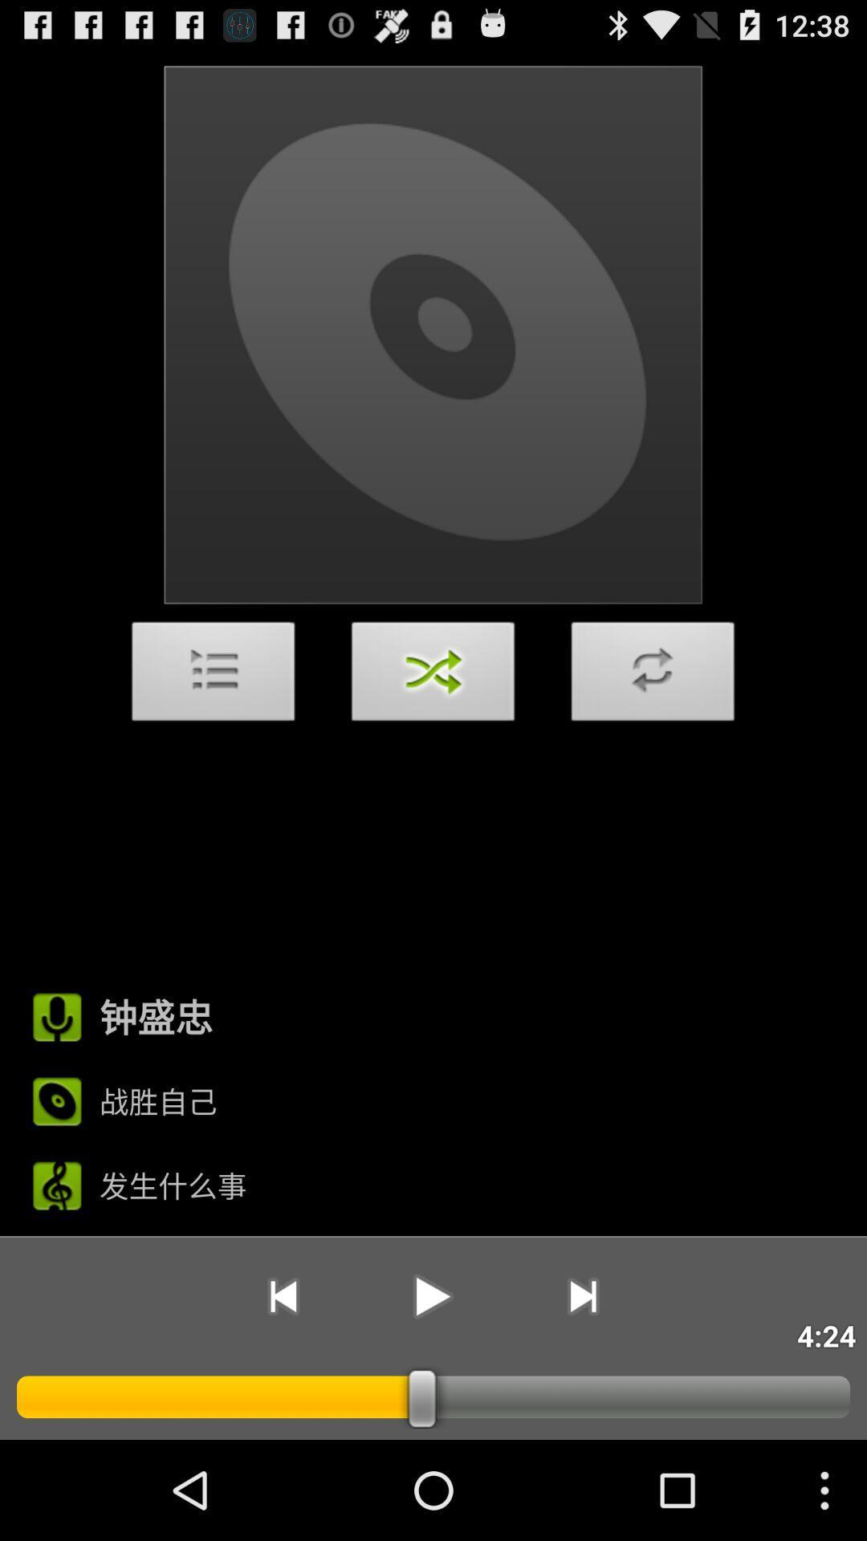 This screenshot has height=1541, width=867. Describe the element at coordinates (432, 1386) in the screenshot. I see `the play icon` at that location.